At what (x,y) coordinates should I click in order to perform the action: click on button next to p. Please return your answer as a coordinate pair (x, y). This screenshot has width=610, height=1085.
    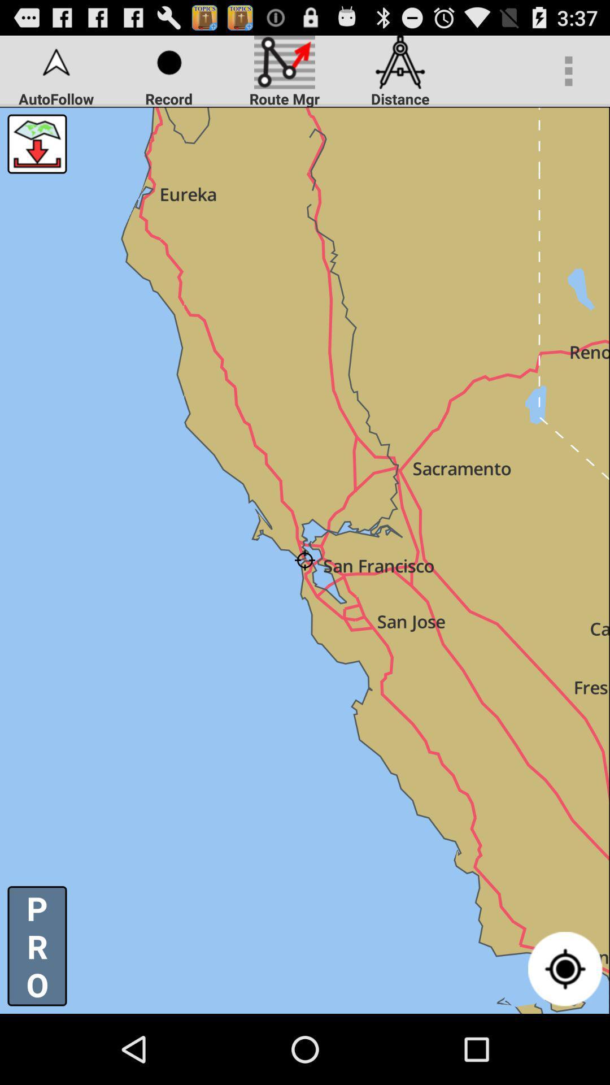
    Looking at the image, I should click on (565, 968).